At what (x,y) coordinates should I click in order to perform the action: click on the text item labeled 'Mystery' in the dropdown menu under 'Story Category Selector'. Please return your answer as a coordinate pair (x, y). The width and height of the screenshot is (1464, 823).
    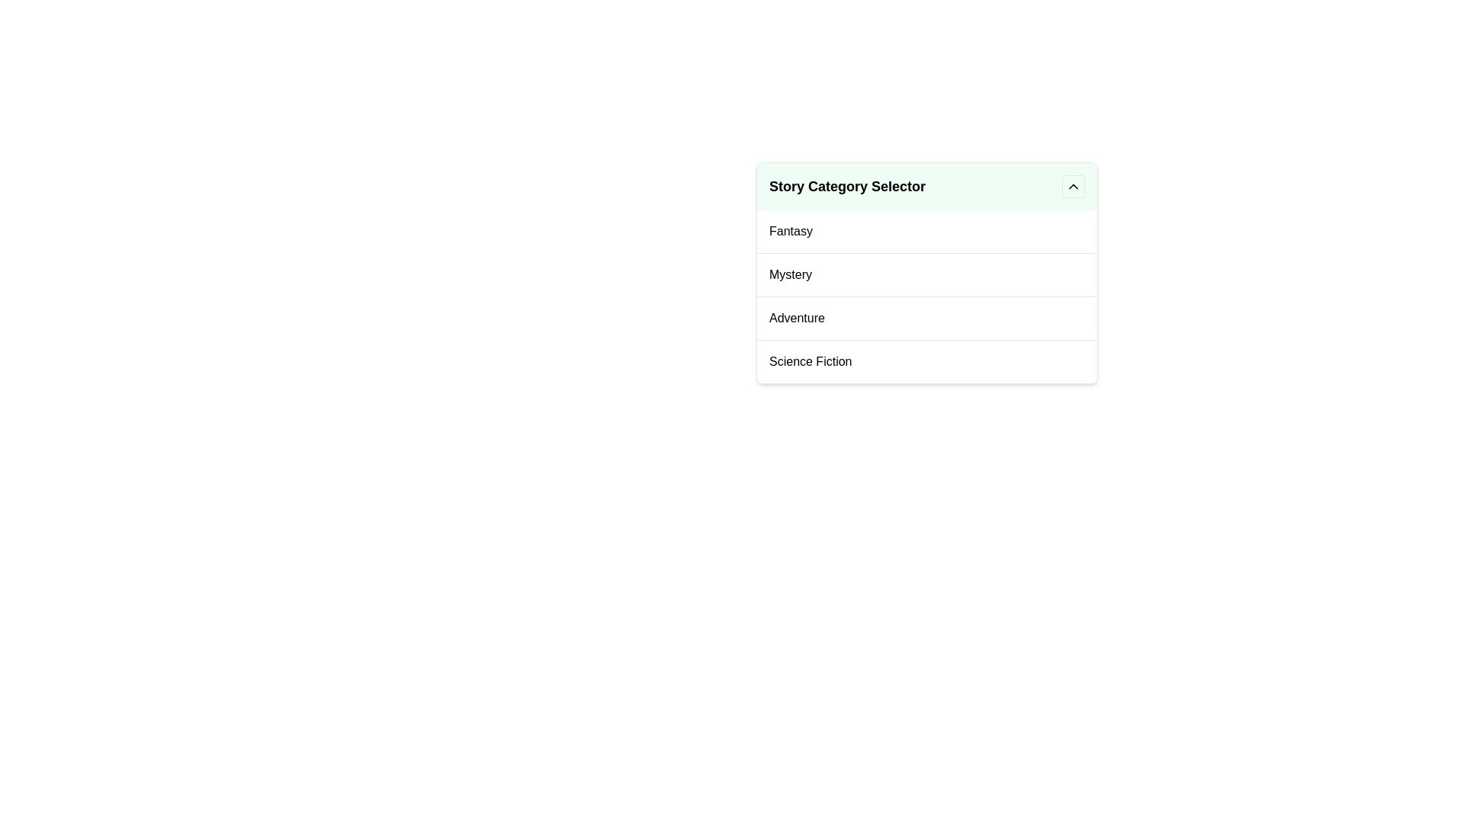
    Looking at the image, I should click on (790, 275).